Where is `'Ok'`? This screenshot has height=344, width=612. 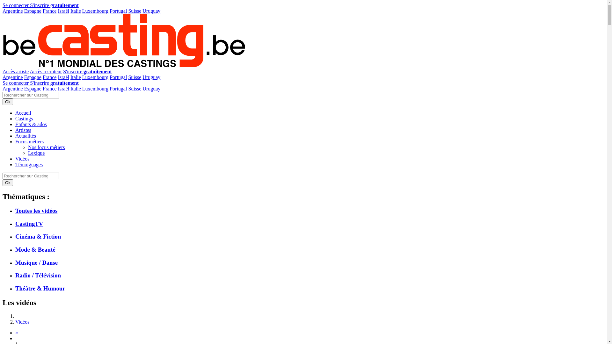 'Ok' is located at coordinates (8, 101).